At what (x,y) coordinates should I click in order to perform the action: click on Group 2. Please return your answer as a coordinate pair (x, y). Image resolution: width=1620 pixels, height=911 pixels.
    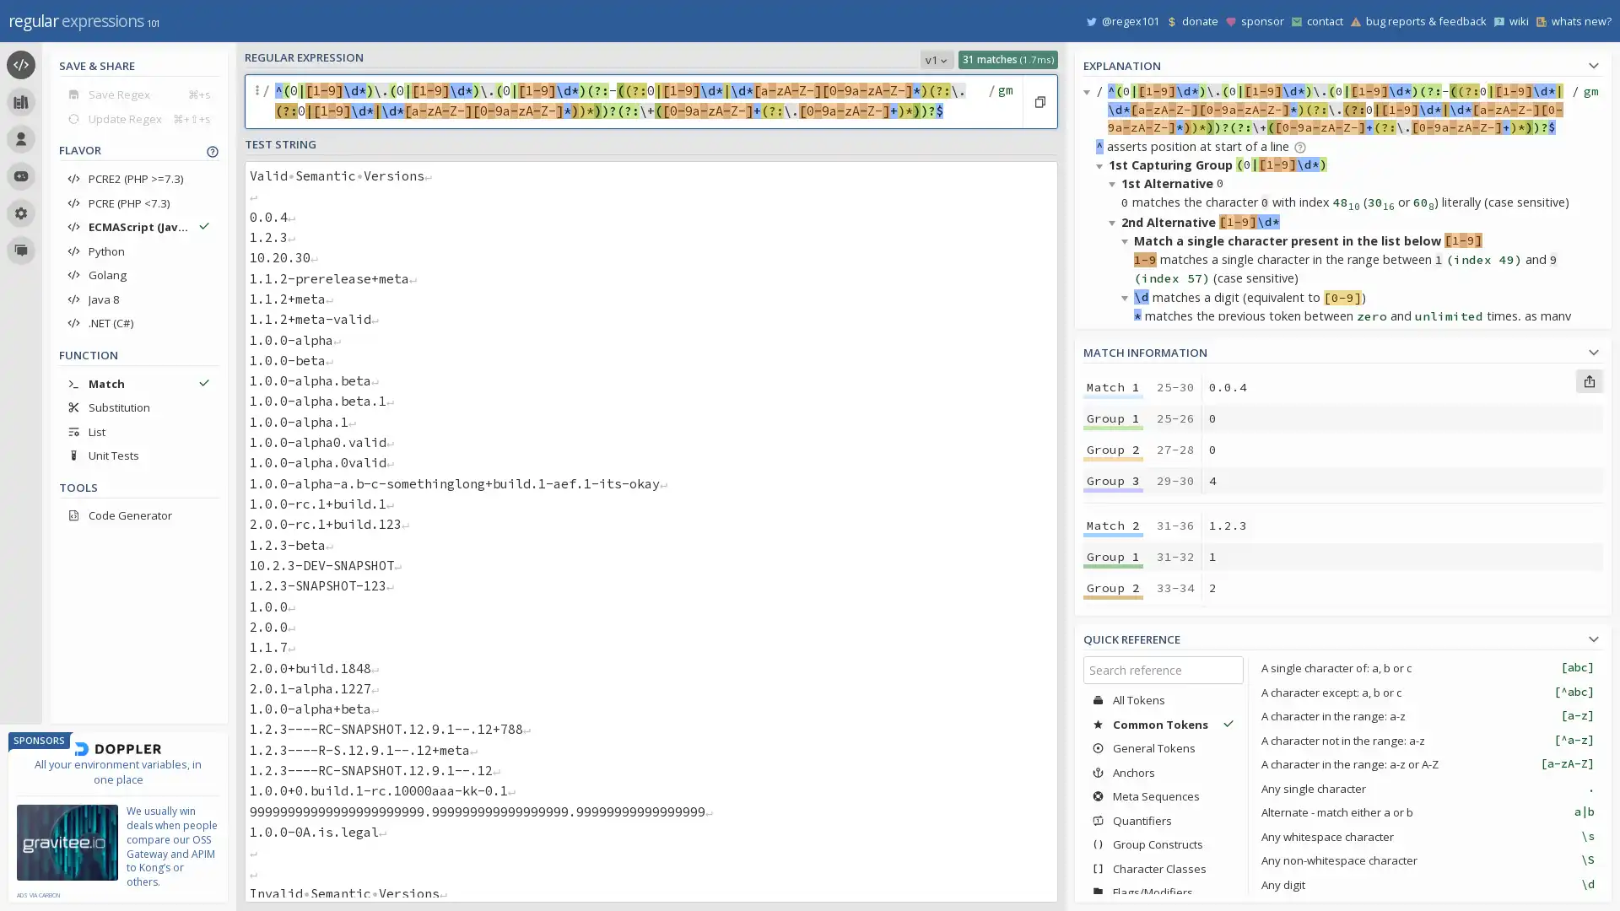
    Looking at the image, I should click on (1113, 448).